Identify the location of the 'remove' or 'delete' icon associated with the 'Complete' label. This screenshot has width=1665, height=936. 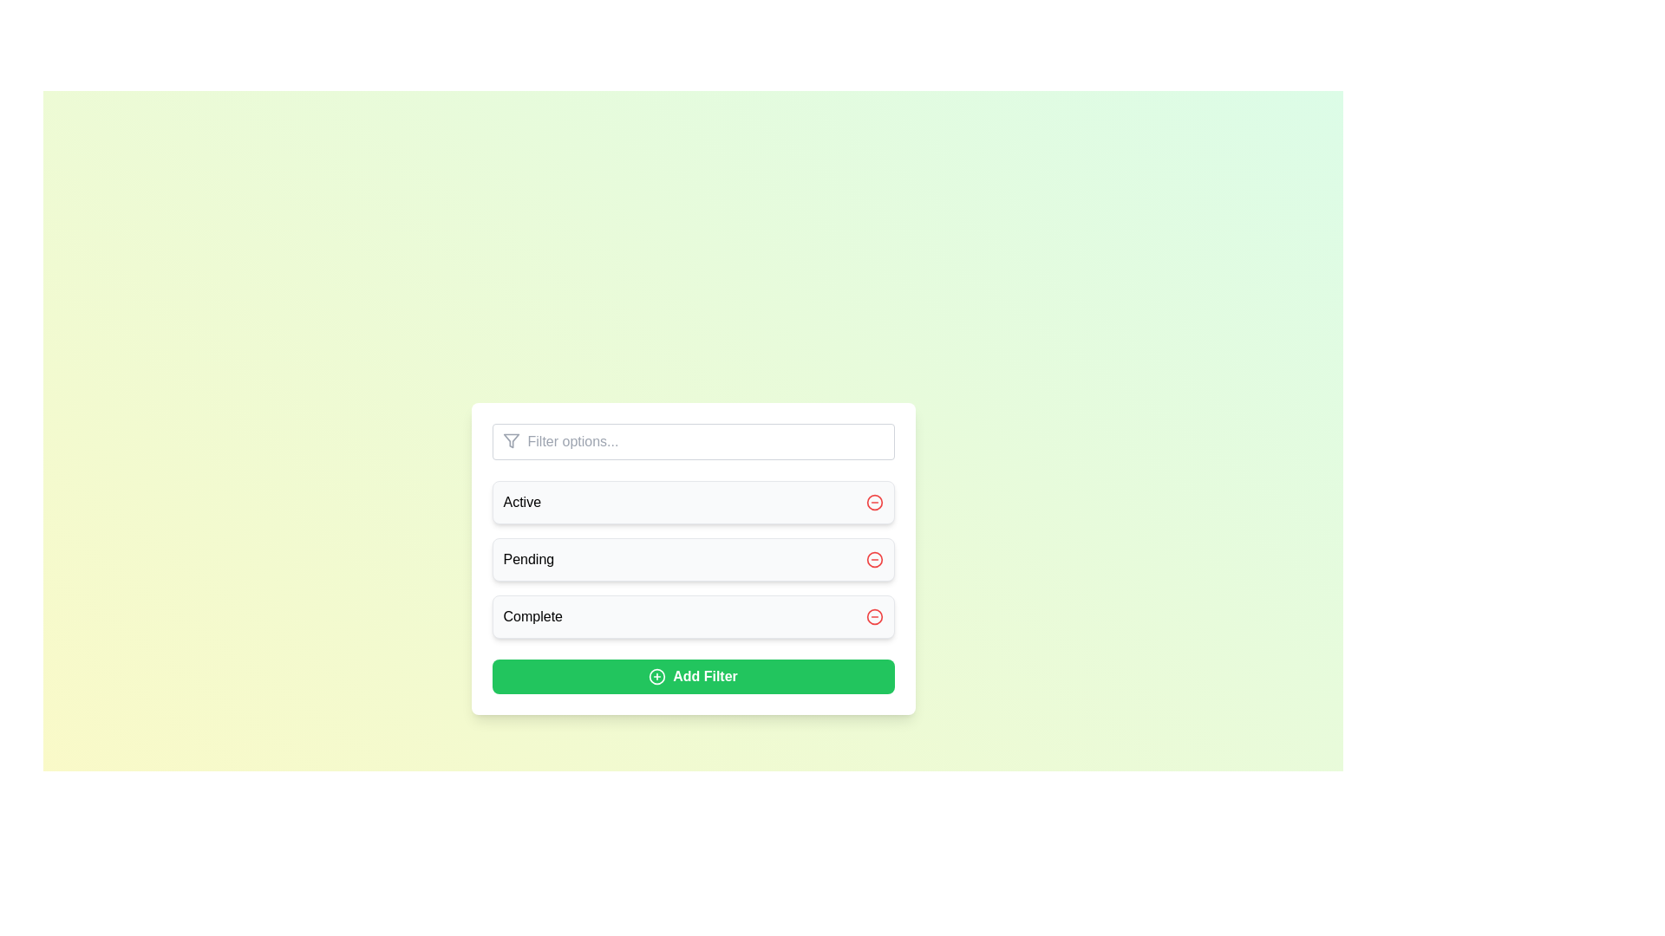
(874, 616).